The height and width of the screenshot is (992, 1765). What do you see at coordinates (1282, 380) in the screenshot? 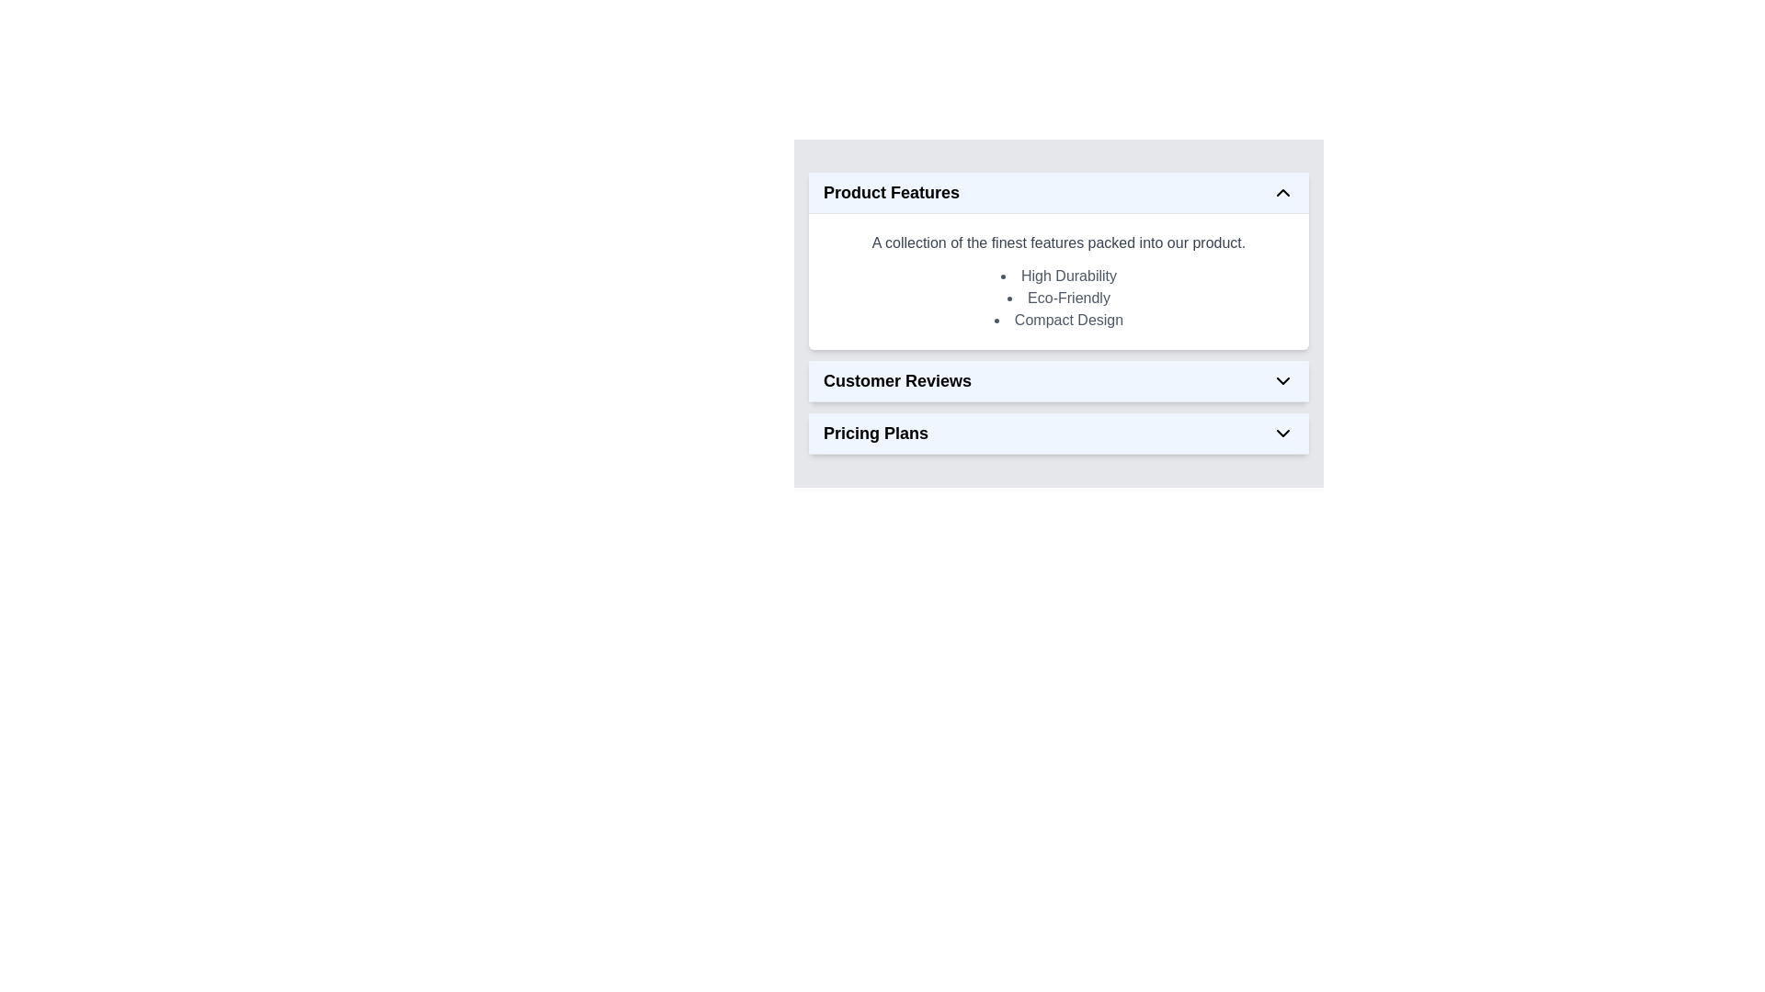
I see `the Chevron-Down icon located at the far right of the 'Customer Reviews' section` at bounding box center [1282, 380].